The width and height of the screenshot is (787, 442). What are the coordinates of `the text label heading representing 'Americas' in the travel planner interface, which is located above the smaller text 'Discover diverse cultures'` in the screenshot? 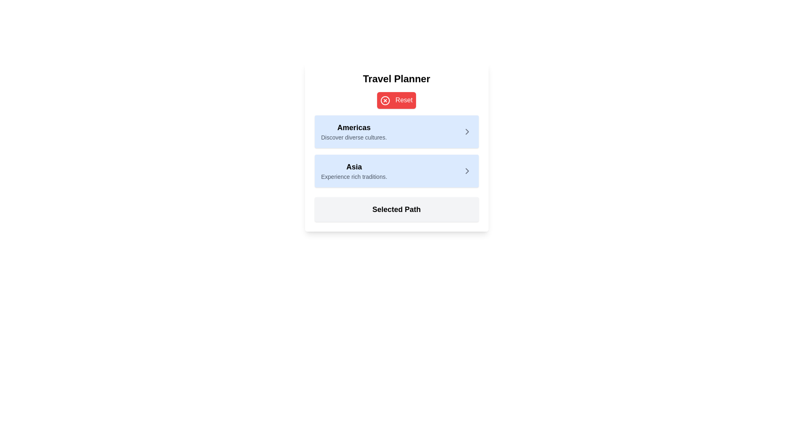 It's located at (354, 127).